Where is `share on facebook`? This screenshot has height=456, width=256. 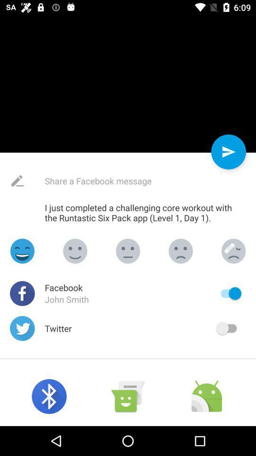 share on facebook is located at coordinates (120, 180).